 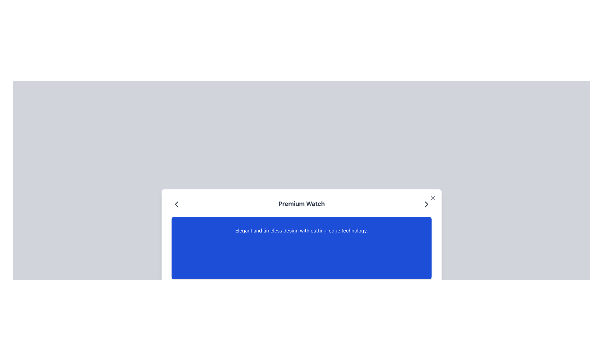 What do you see at coordinates (426, 204) in the screenshot?
I see `the right-pointing chevron icon (vector icon) located beneath the close (X) button in the top-right section of the modal window` at bounding box center [426, 204].